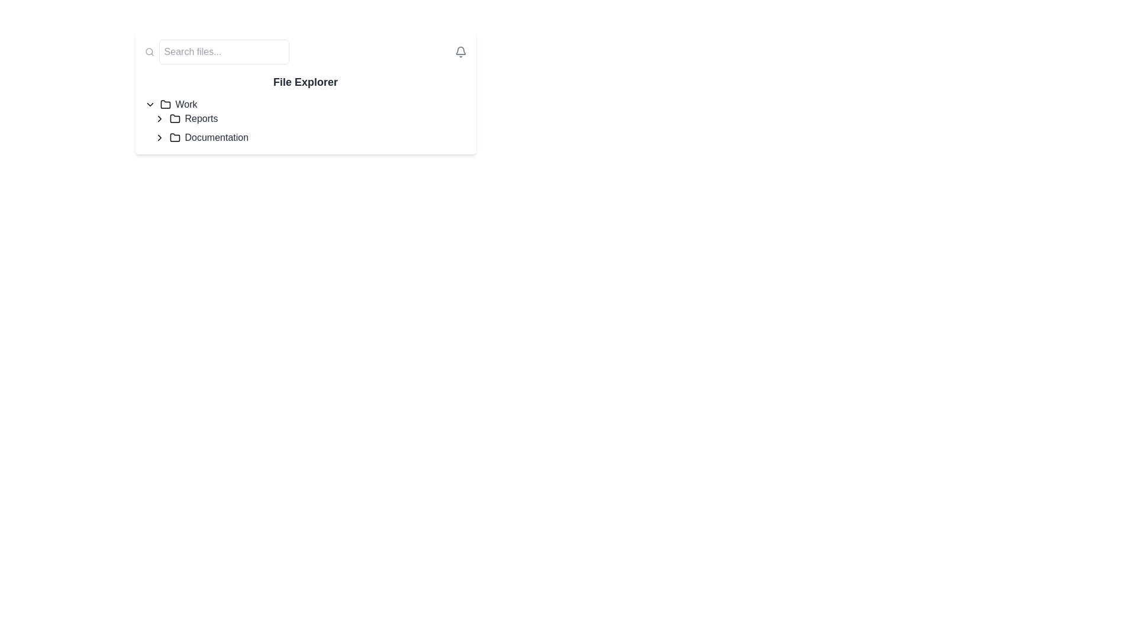 This screenshot has width=1136, height=639. Describe the element at coordinates (159, 118) in the screenshot. I see `the chevron/arrow icon located next to the 'Reports' folder label` at that location.